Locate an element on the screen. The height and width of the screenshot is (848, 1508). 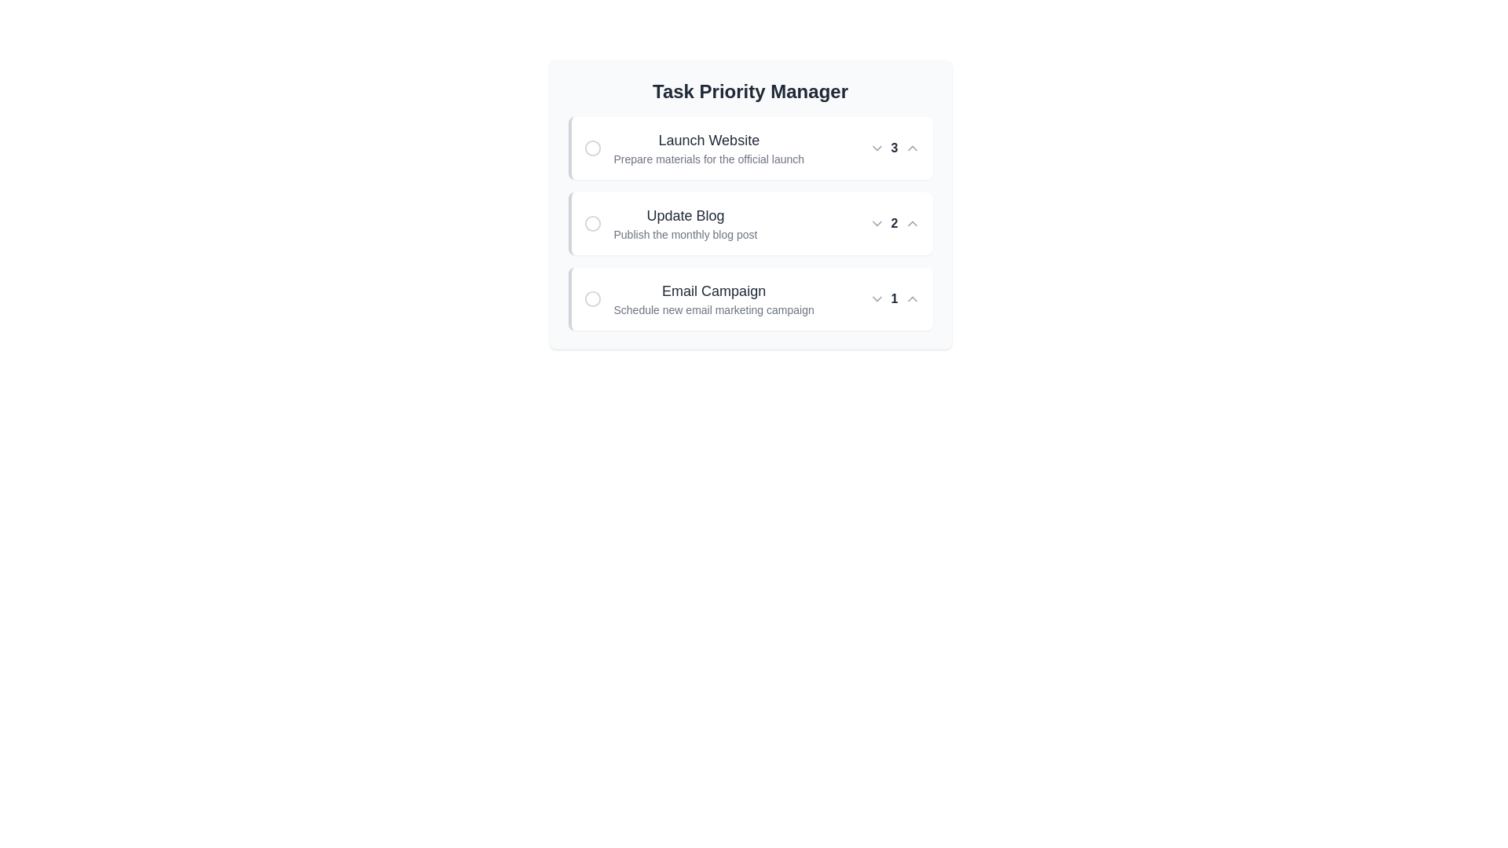
the radio button styled selection indicator located next to the 'Update Blog' entry in the 'Task Priority Manager' section is located at coordinates (591, 224).